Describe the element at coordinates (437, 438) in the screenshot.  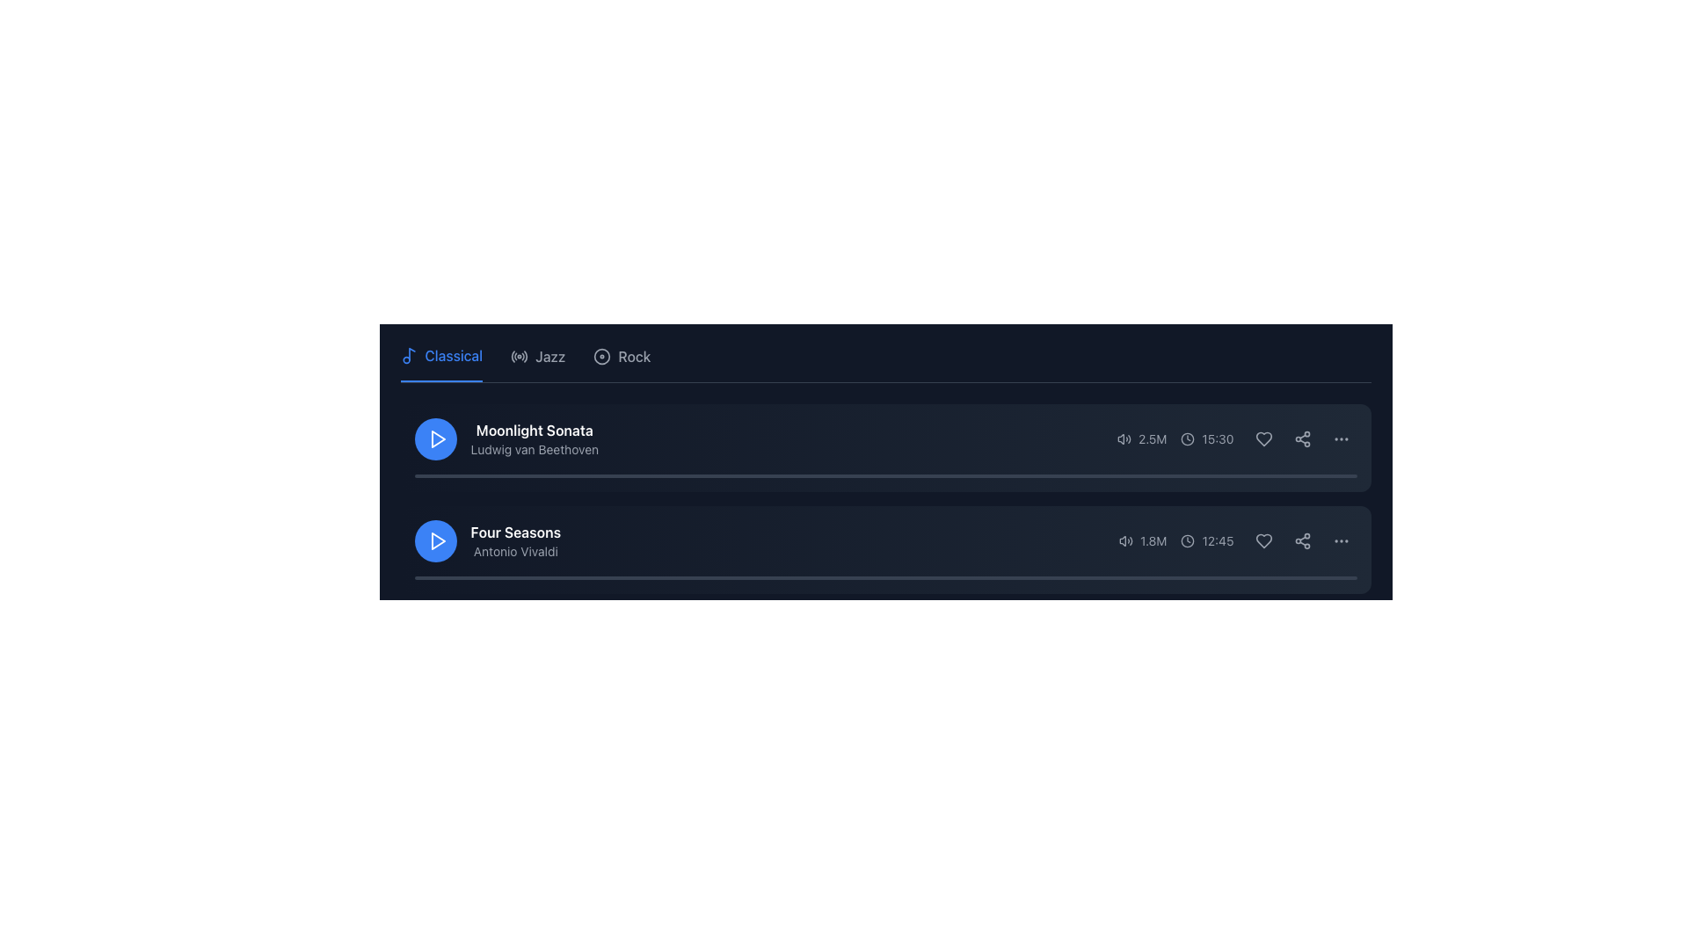
I see `the play icon within the circular button` at that location.